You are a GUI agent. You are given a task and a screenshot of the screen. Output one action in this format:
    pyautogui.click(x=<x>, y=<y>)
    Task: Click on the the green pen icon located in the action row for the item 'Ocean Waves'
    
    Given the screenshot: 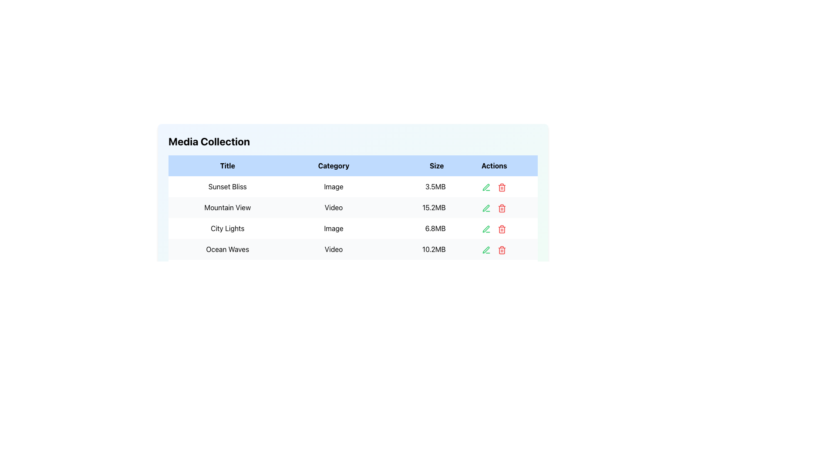 What is the action you would take?
    pyautogui.click(x=486, y=249)
    